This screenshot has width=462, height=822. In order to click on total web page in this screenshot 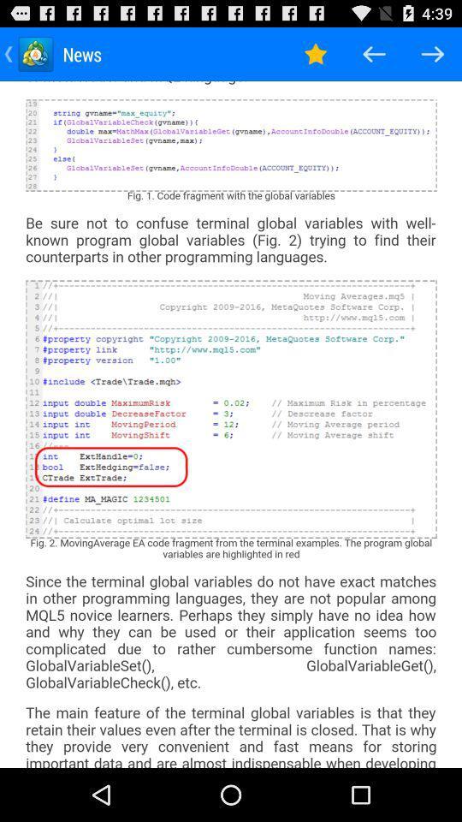, I will do `click(231, 423)`.